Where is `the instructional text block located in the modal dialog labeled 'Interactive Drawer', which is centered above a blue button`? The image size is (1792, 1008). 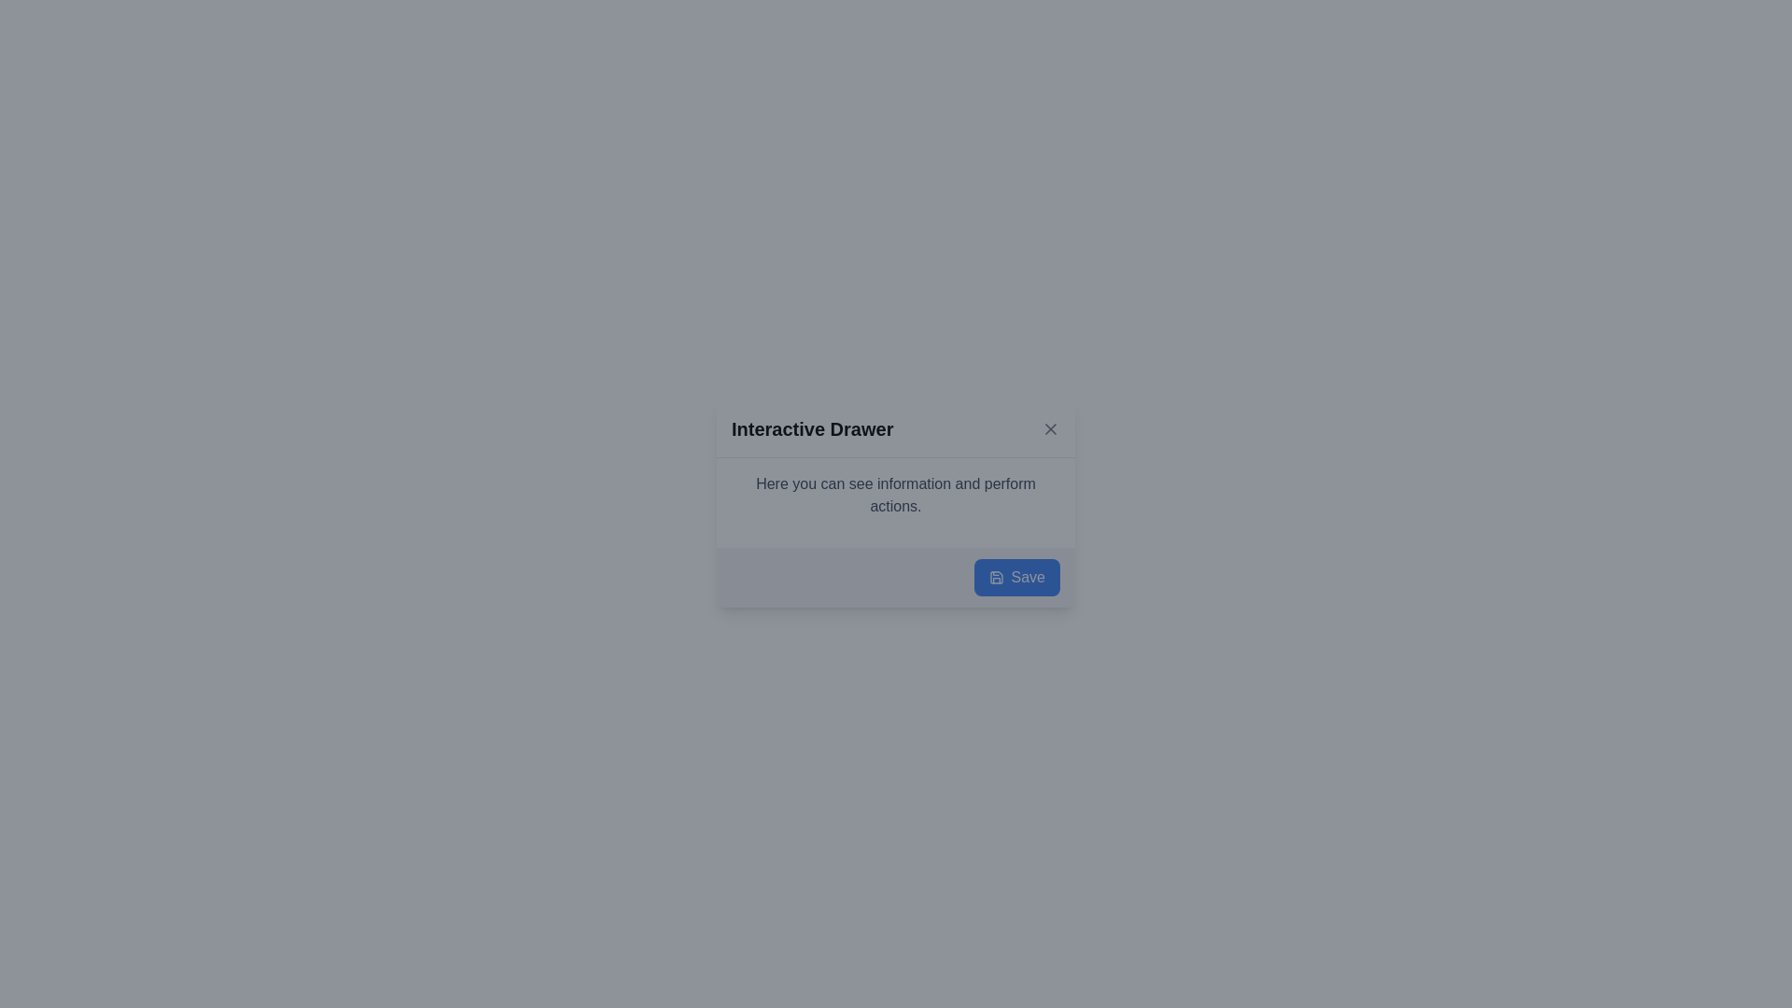
the instructional text block located in the modal dialog labeled 'Interactive Drawer', which is centered above a blue button is located at coordinates (896, 493).